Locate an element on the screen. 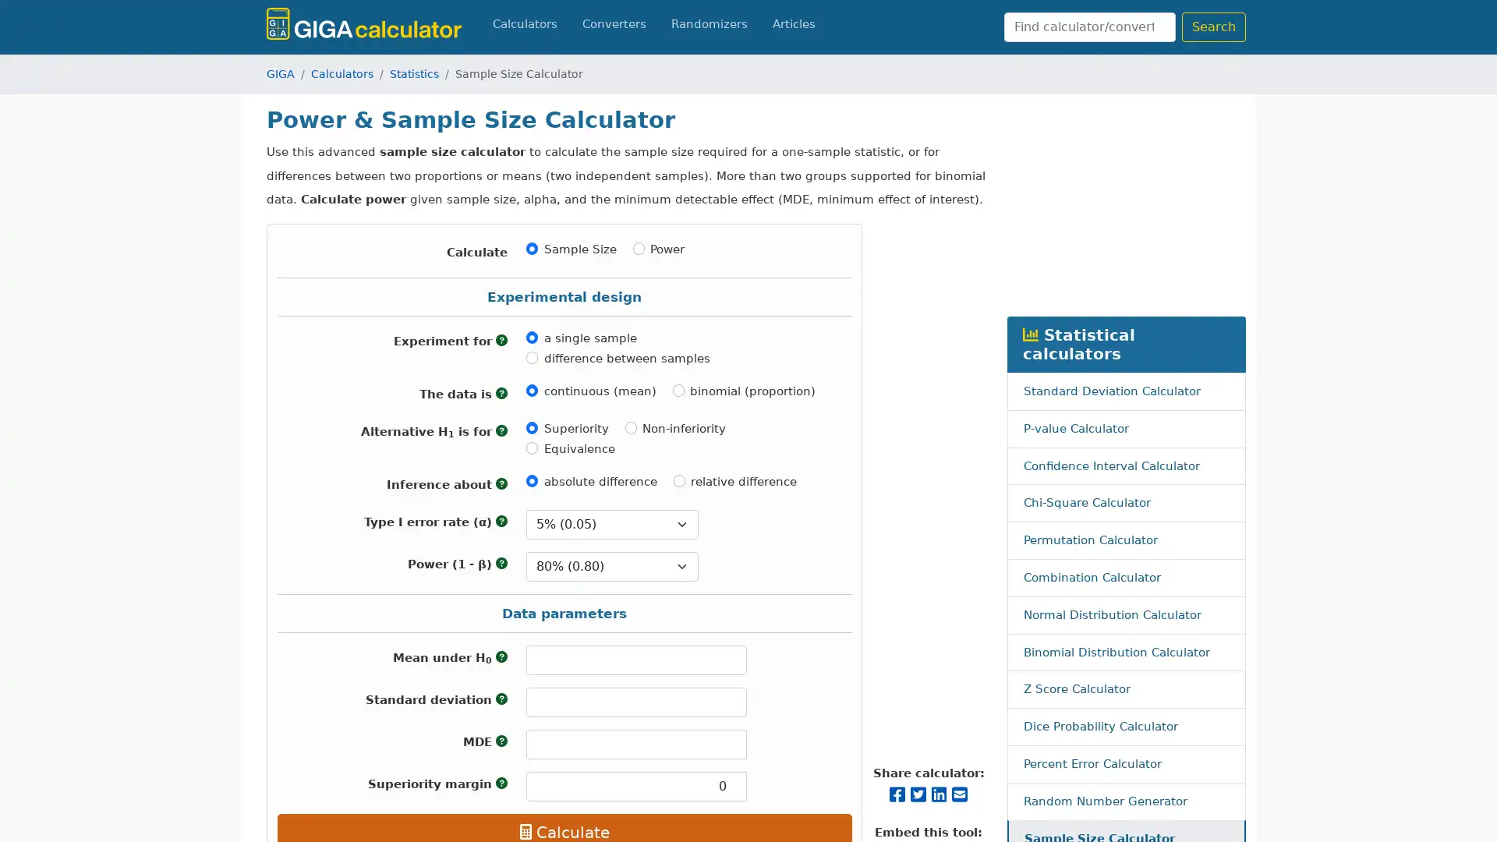  Help: MDE is located at coordinates (501, 741).